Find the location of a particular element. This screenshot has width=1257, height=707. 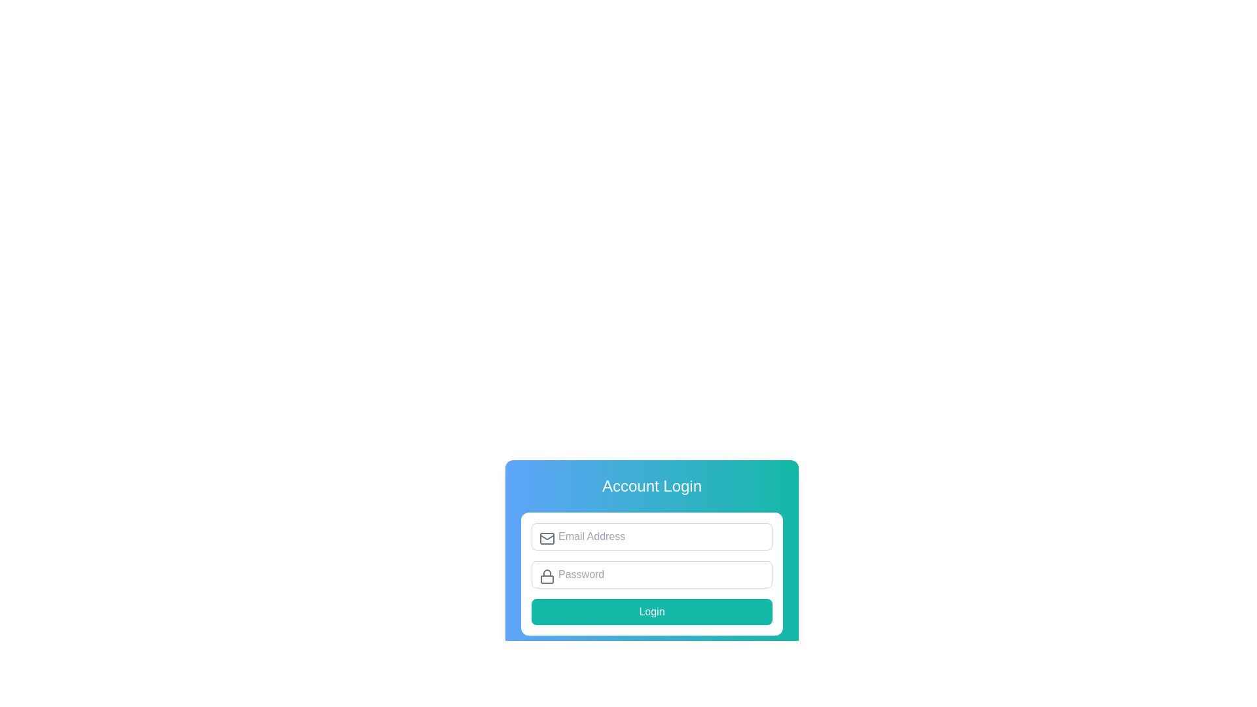

the password icon located to the left of the input field labeled 'Password' in the login form is located at coordinates (547, 575).